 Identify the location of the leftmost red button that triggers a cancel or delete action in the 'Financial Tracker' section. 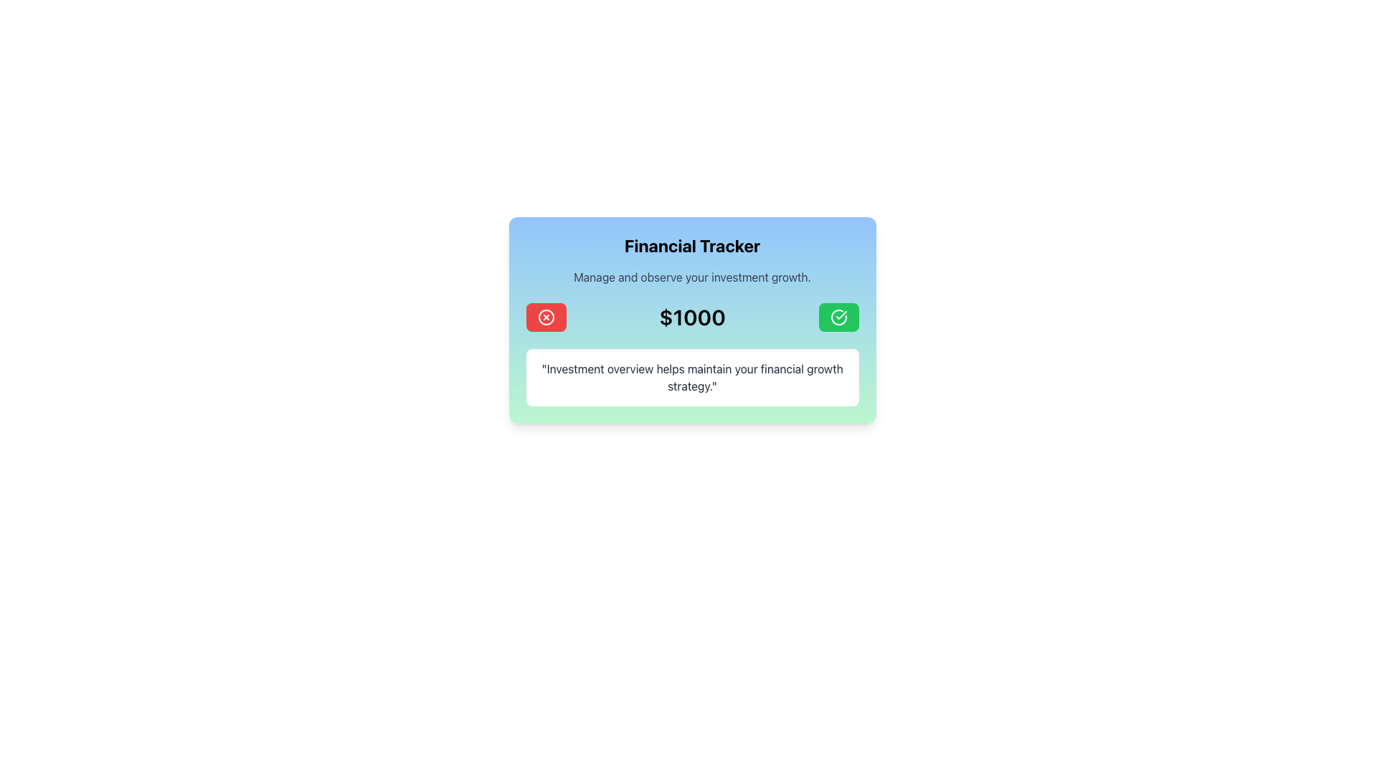
(545, 317).